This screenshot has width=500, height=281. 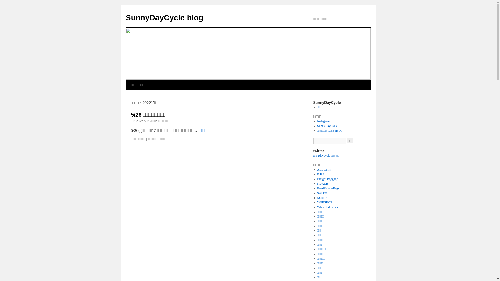 I want to click on 'SURLY', so click(x=322, y=197).